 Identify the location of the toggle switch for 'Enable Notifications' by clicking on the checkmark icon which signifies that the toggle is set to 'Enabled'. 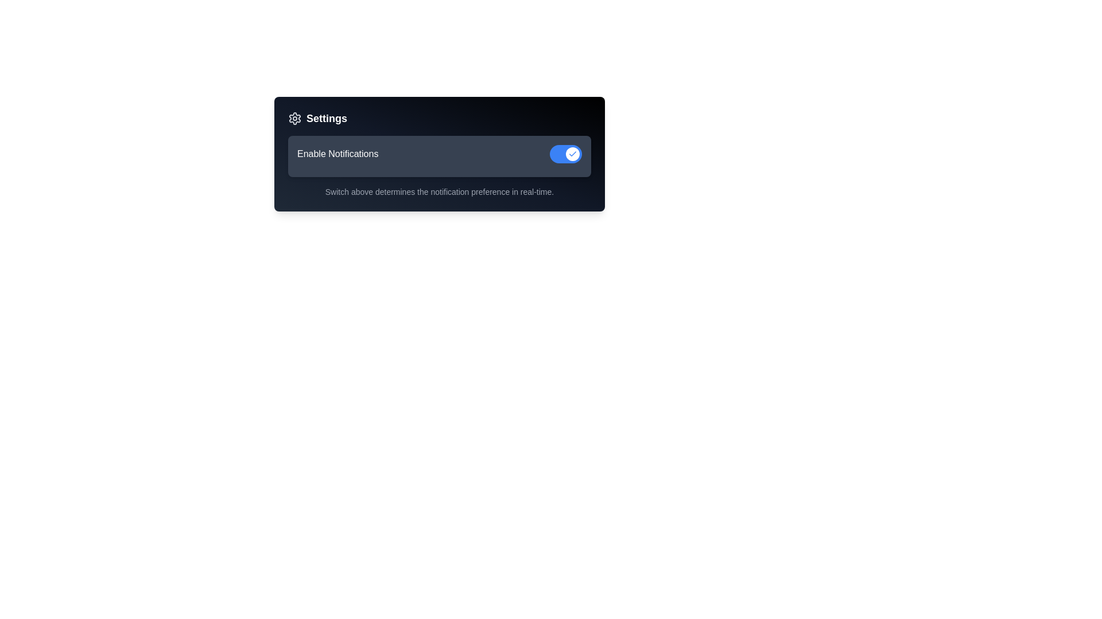
(573, 154).